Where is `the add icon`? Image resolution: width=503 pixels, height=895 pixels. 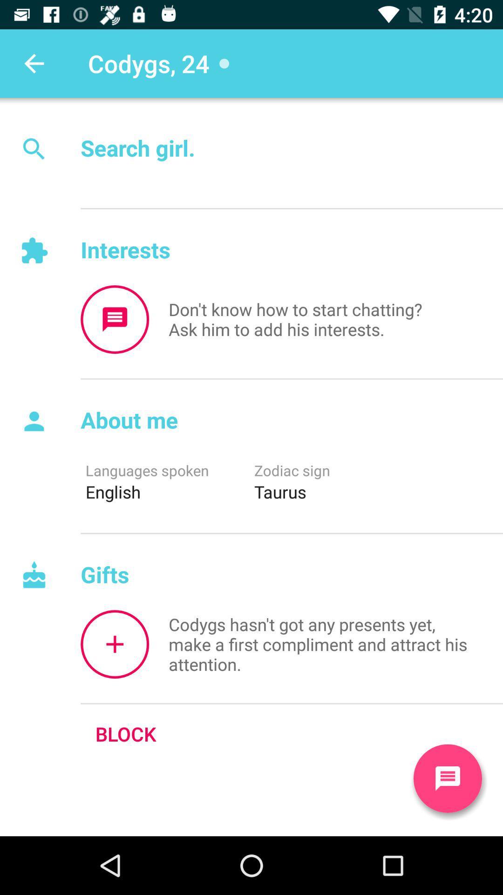 the add icon is located at coordinates (114, 644).